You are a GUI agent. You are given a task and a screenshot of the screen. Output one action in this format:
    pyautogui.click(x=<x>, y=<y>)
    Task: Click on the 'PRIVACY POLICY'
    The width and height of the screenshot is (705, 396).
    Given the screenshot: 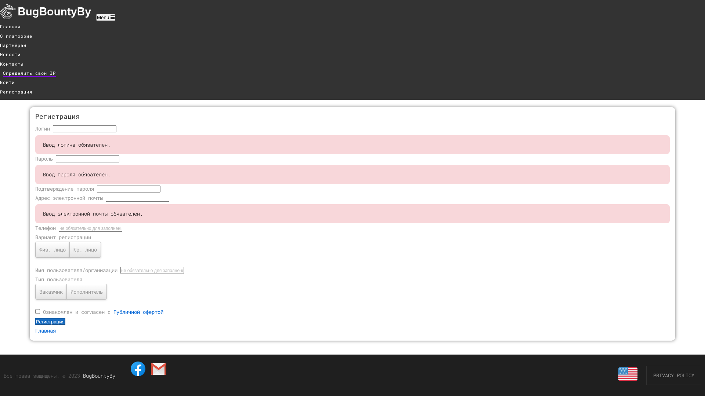 What is the action you would take?
    pyautogui.click(x=673, y=375)
    